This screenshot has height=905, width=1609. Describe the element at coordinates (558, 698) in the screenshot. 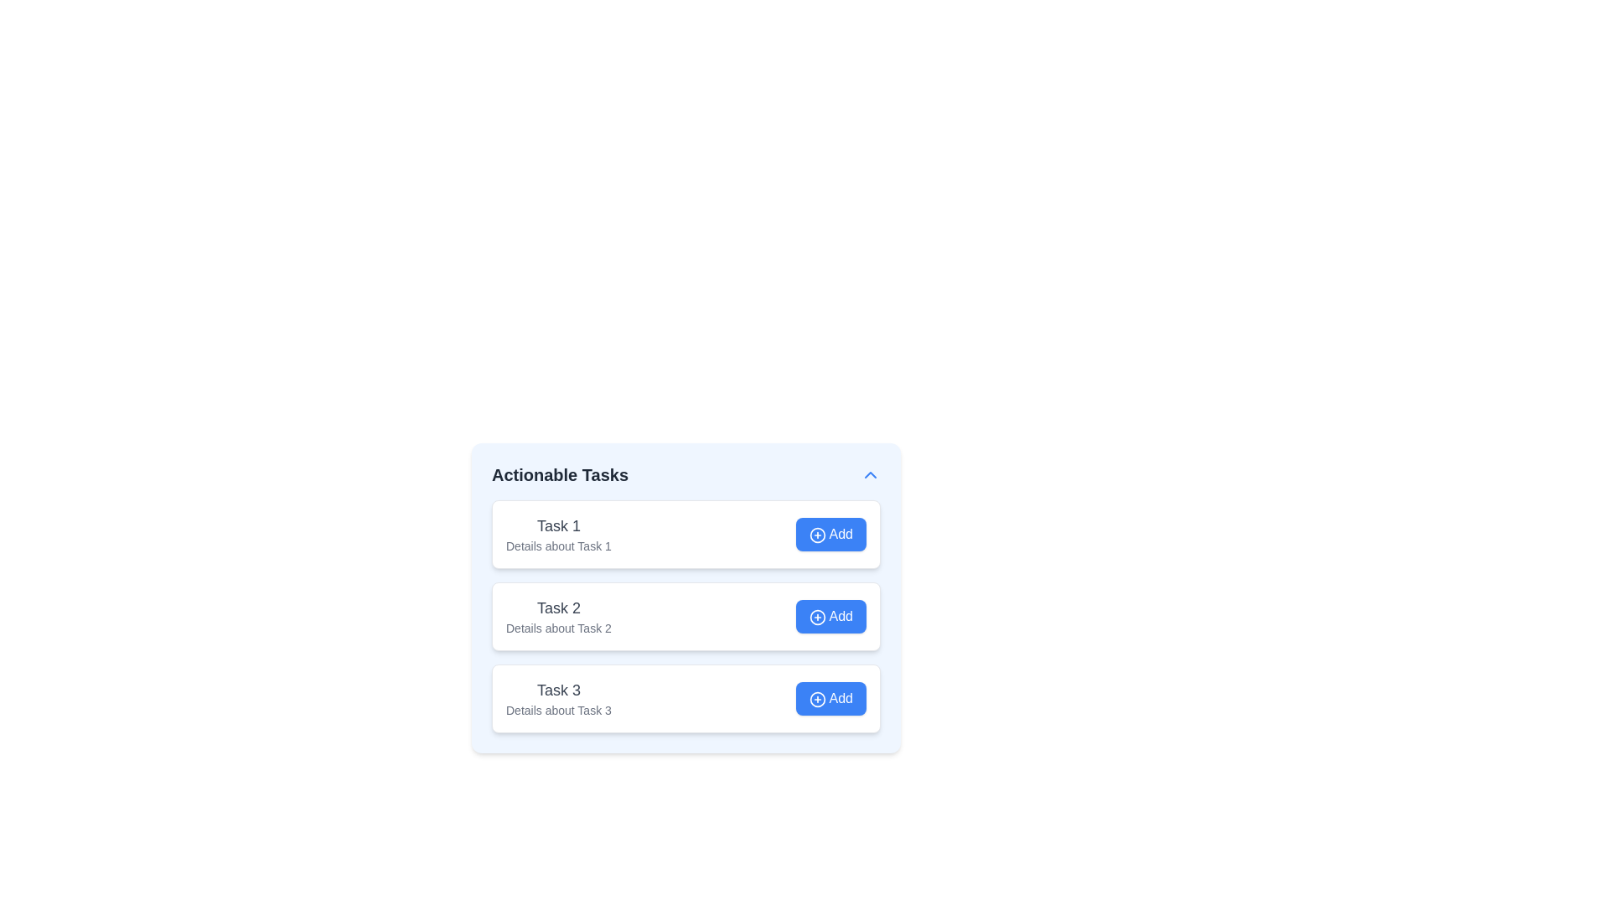

I see `the text area displaying 'Task 3' with the description 'Details about Task 3', located in the left portion of the third card under the 'Actionable Tasks' section` at that location.